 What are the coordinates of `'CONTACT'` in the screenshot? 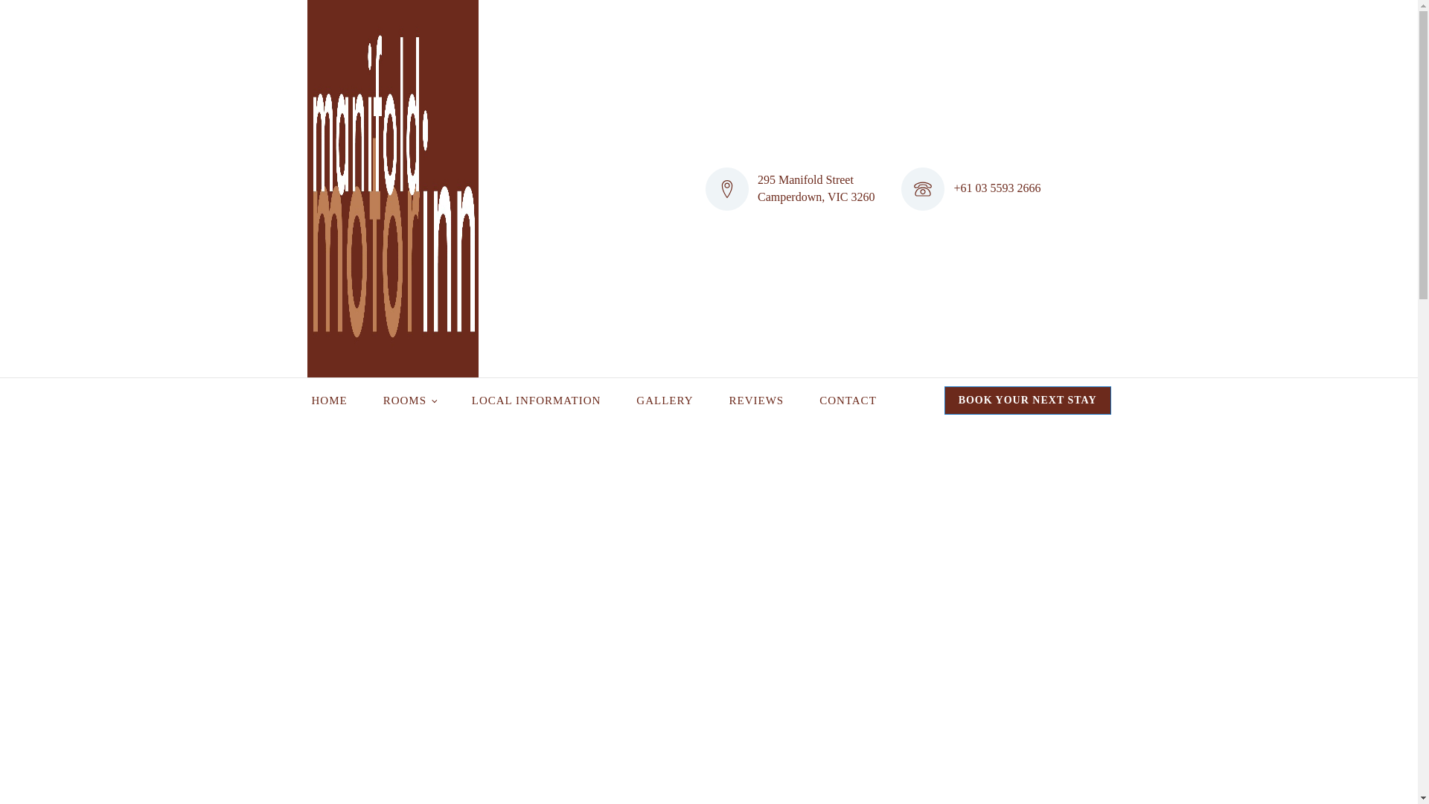 It's located at (848, 399).